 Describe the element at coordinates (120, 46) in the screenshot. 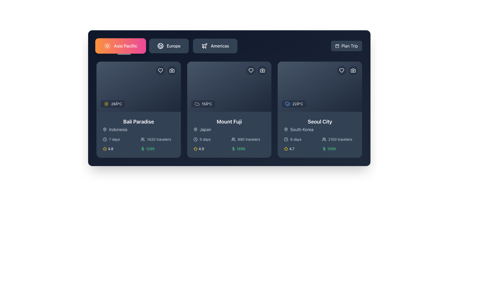

I see `the 'Asia Pacific' category button` at that location.